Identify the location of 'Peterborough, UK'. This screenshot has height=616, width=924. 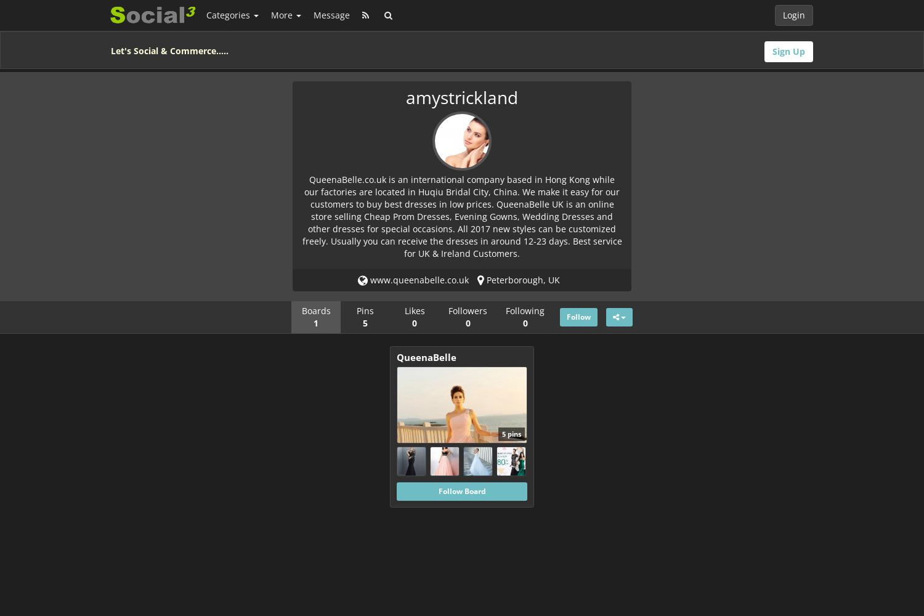
(521, 278).